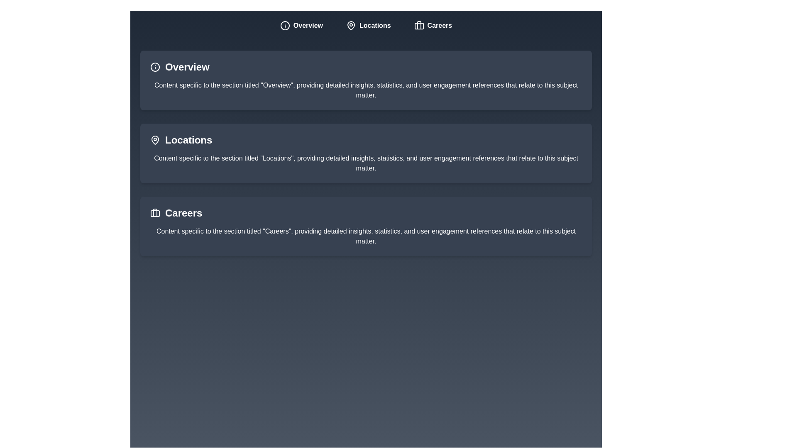 This screenshot has width=797, height=448. I want to click on the text block located in the 'Careers' section, which provides detailed information beneath the section title and icon, so click(366, 236).